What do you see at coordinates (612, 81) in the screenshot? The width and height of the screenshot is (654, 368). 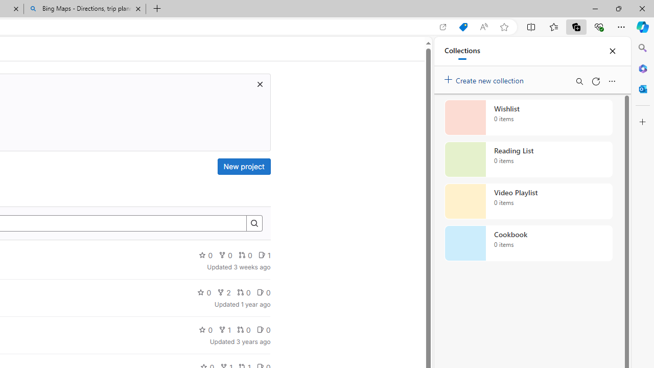 I see `'More options menu'` at bounding box center [612, 81].